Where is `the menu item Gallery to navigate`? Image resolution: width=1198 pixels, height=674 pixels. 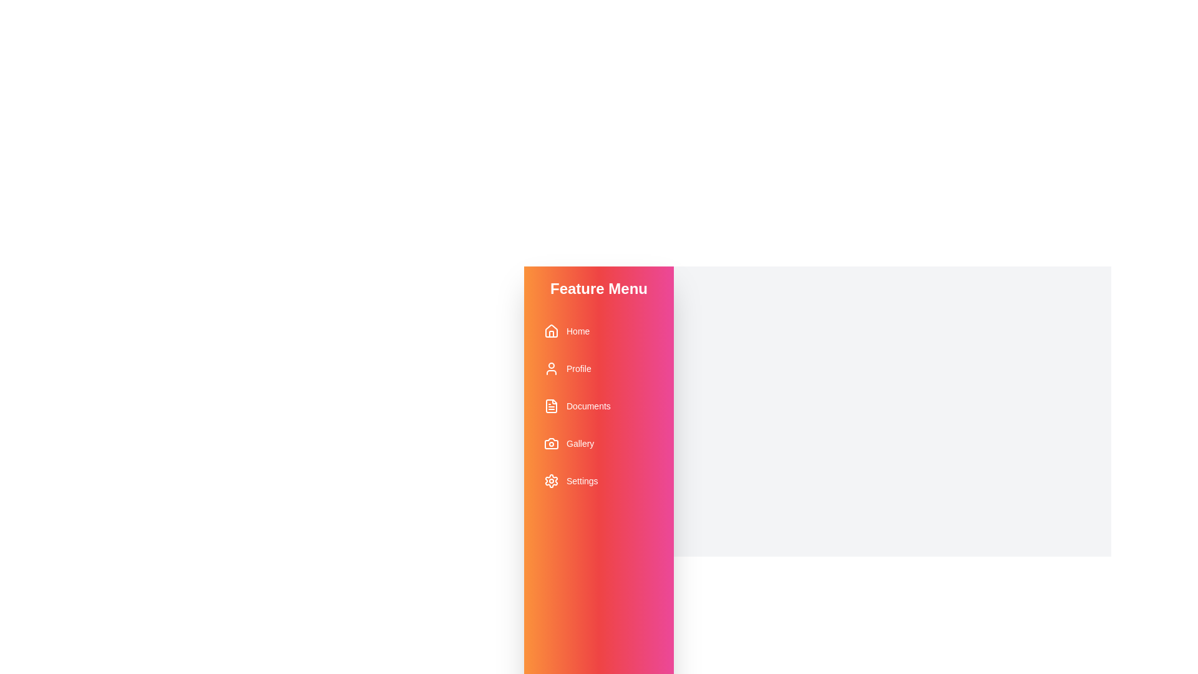
the menu item Gallery to navigate is located at coordinates (599, 442).